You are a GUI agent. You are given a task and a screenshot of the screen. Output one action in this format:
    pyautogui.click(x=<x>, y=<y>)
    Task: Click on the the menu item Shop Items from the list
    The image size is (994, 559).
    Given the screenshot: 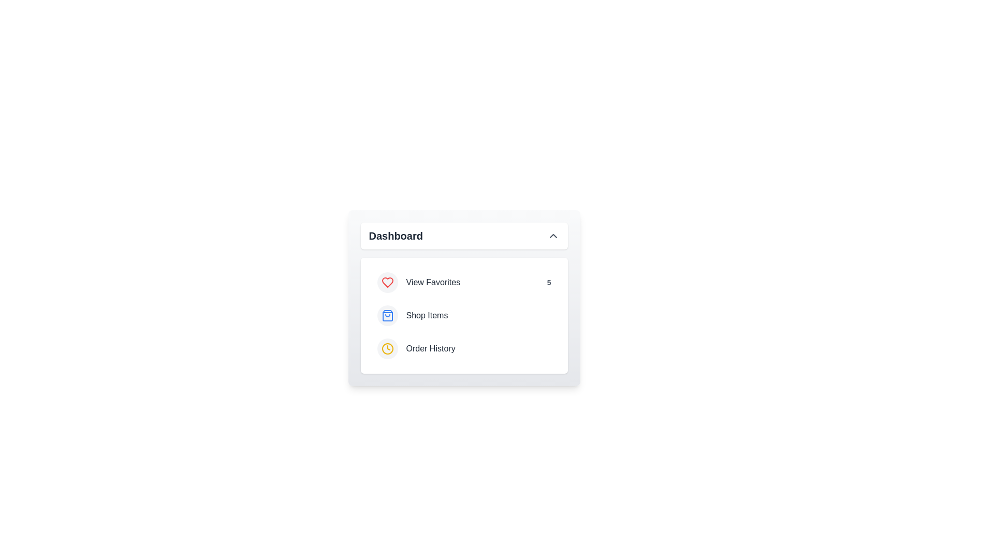 What is the action you would take?
    pyautogui.click(x=463, y=315)
    